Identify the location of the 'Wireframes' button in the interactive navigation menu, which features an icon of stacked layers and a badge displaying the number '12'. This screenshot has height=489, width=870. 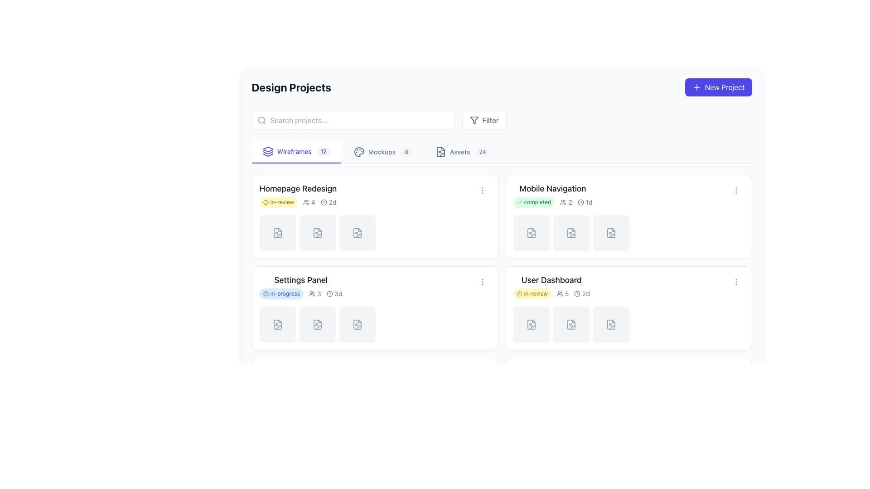
(296, 151).